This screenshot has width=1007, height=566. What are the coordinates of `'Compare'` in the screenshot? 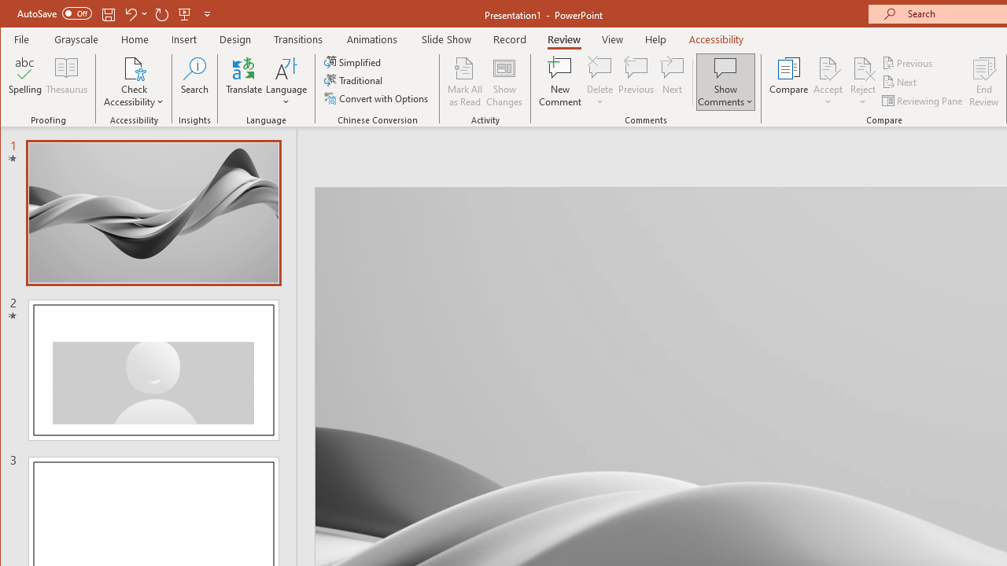 It's located at (788, 82).